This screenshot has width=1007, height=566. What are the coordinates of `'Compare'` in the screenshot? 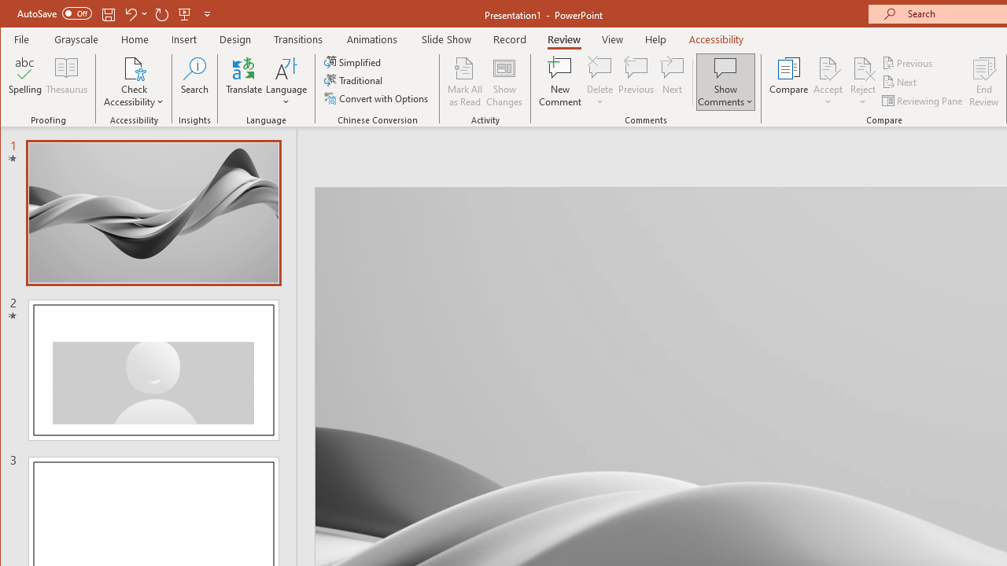 It's located at (788, 82).